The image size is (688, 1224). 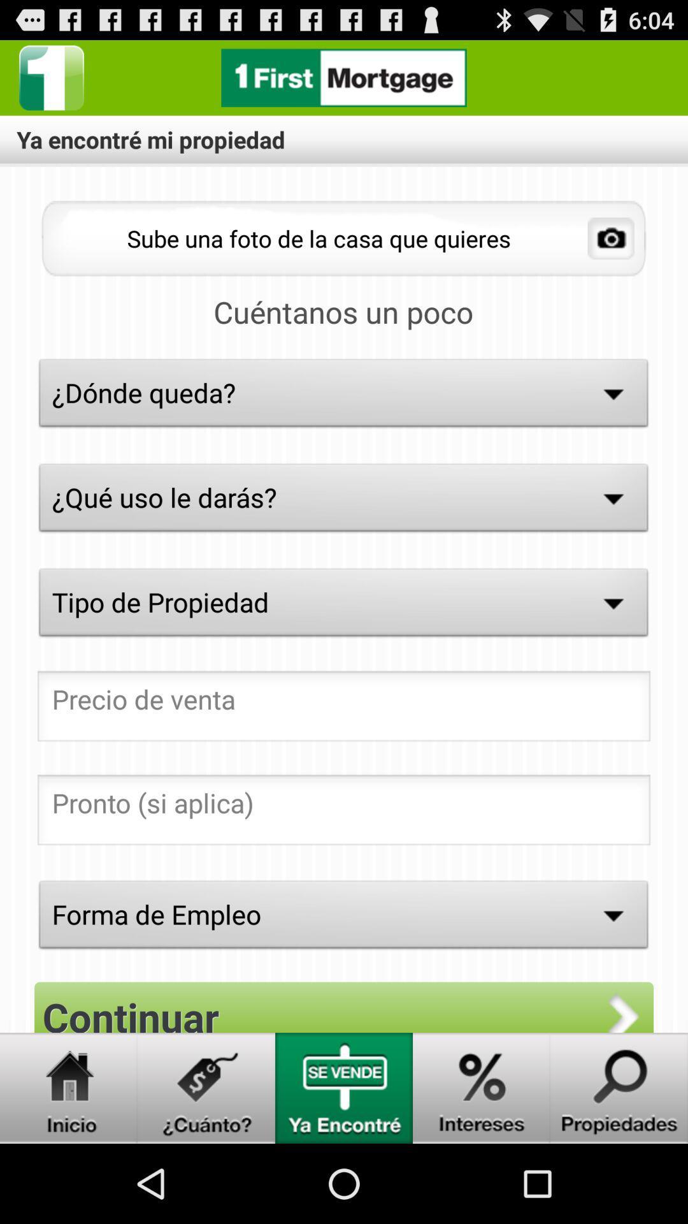 I want to click on the facebook icon, so click(x=51, y=82).